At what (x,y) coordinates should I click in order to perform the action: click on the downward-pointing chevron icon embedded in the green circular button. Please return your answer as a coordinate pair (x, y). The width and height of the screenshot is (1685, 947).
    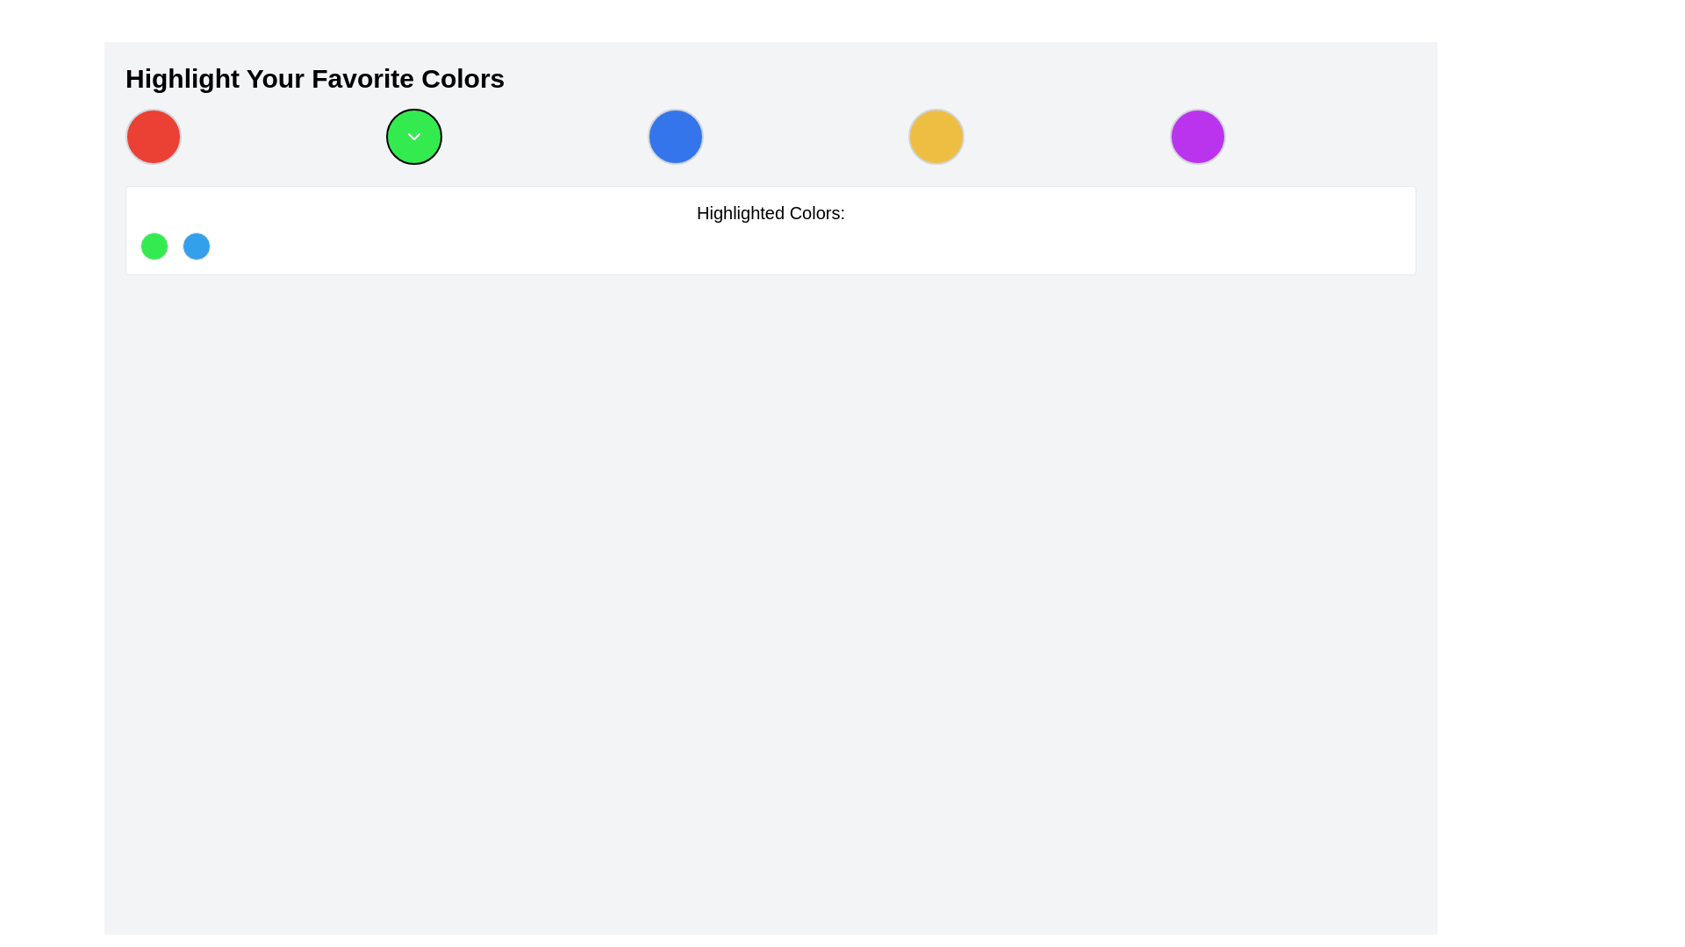
    Looking at the image, I should click on (413, 135).